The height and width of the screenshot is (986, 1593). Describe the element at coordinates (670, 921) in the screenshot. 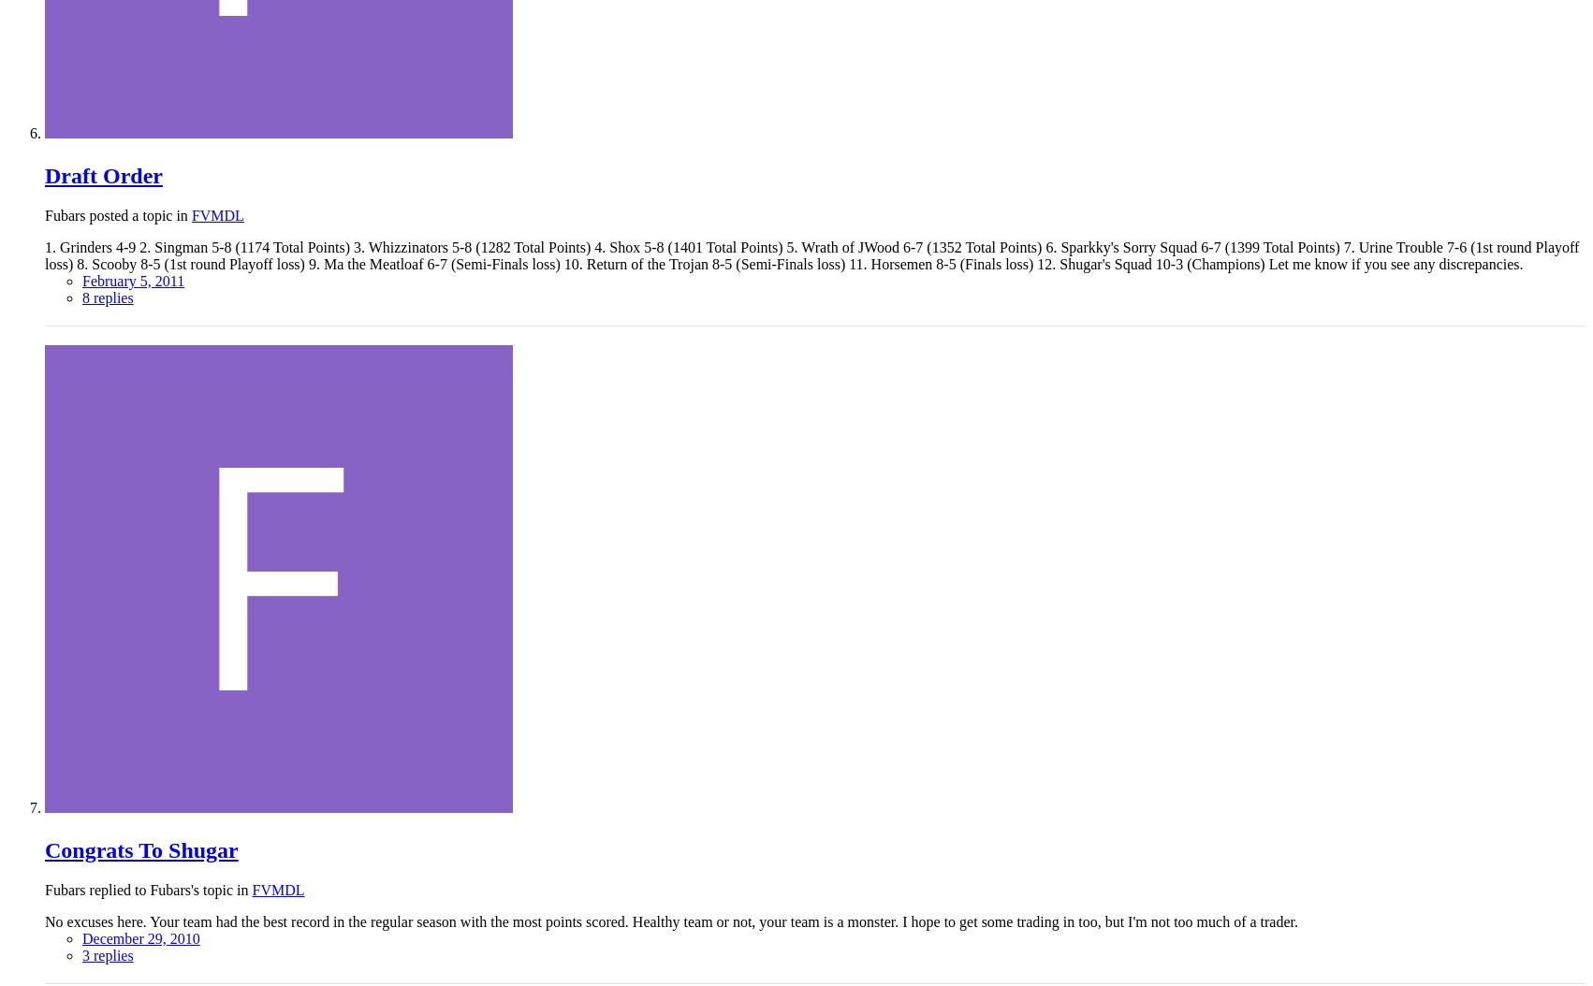

I see `'No excuses here.  Your team had the best record in the regular season with the most points scored.  Healthy team or not, your team is a monster.  I hope to get some trading in too, but I'm not too much of a trader.'` at that location.